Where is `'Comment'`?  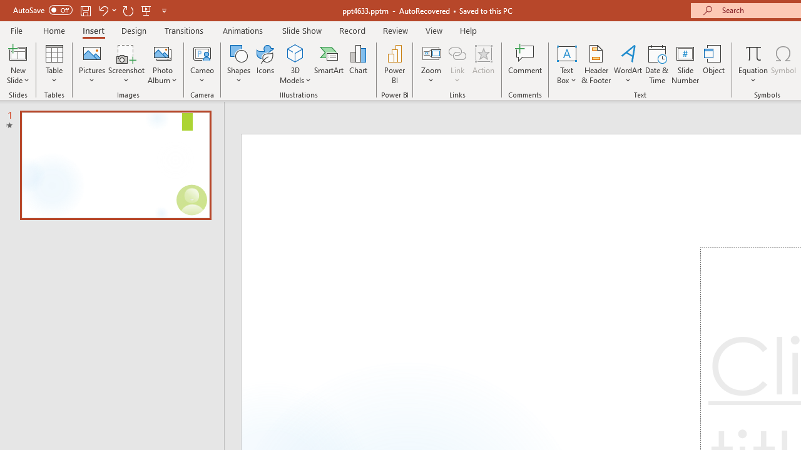 'Comment' is located at coordinates (525, 64).